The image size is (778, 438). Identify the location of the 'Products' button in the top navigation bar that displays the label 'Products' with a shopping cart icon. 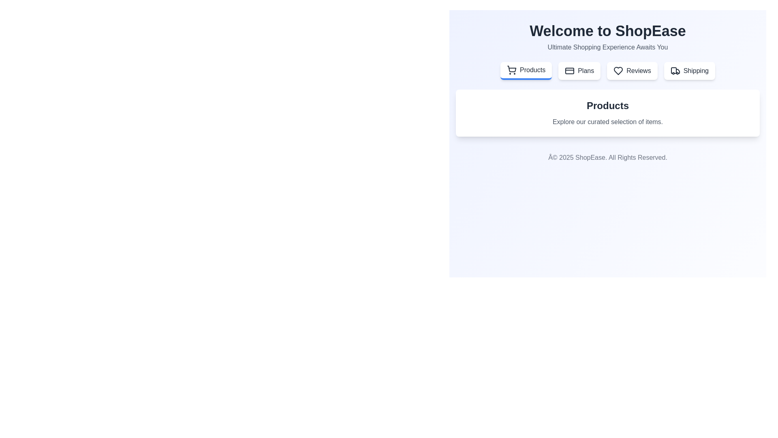
(532, 70).